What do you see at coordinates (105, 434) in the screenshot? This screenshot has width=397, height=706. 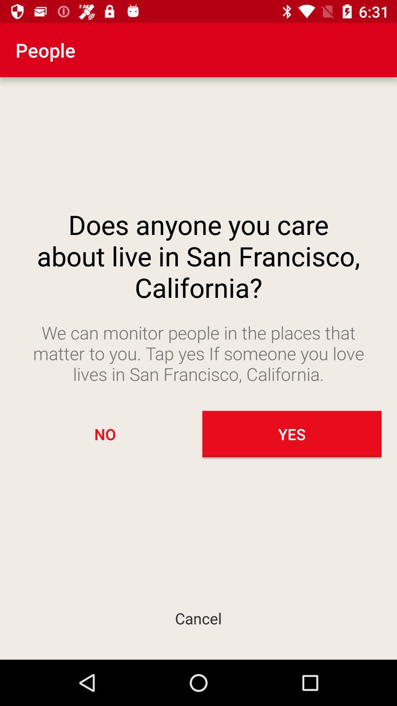 I see `no` at bounding box center [105, 434].